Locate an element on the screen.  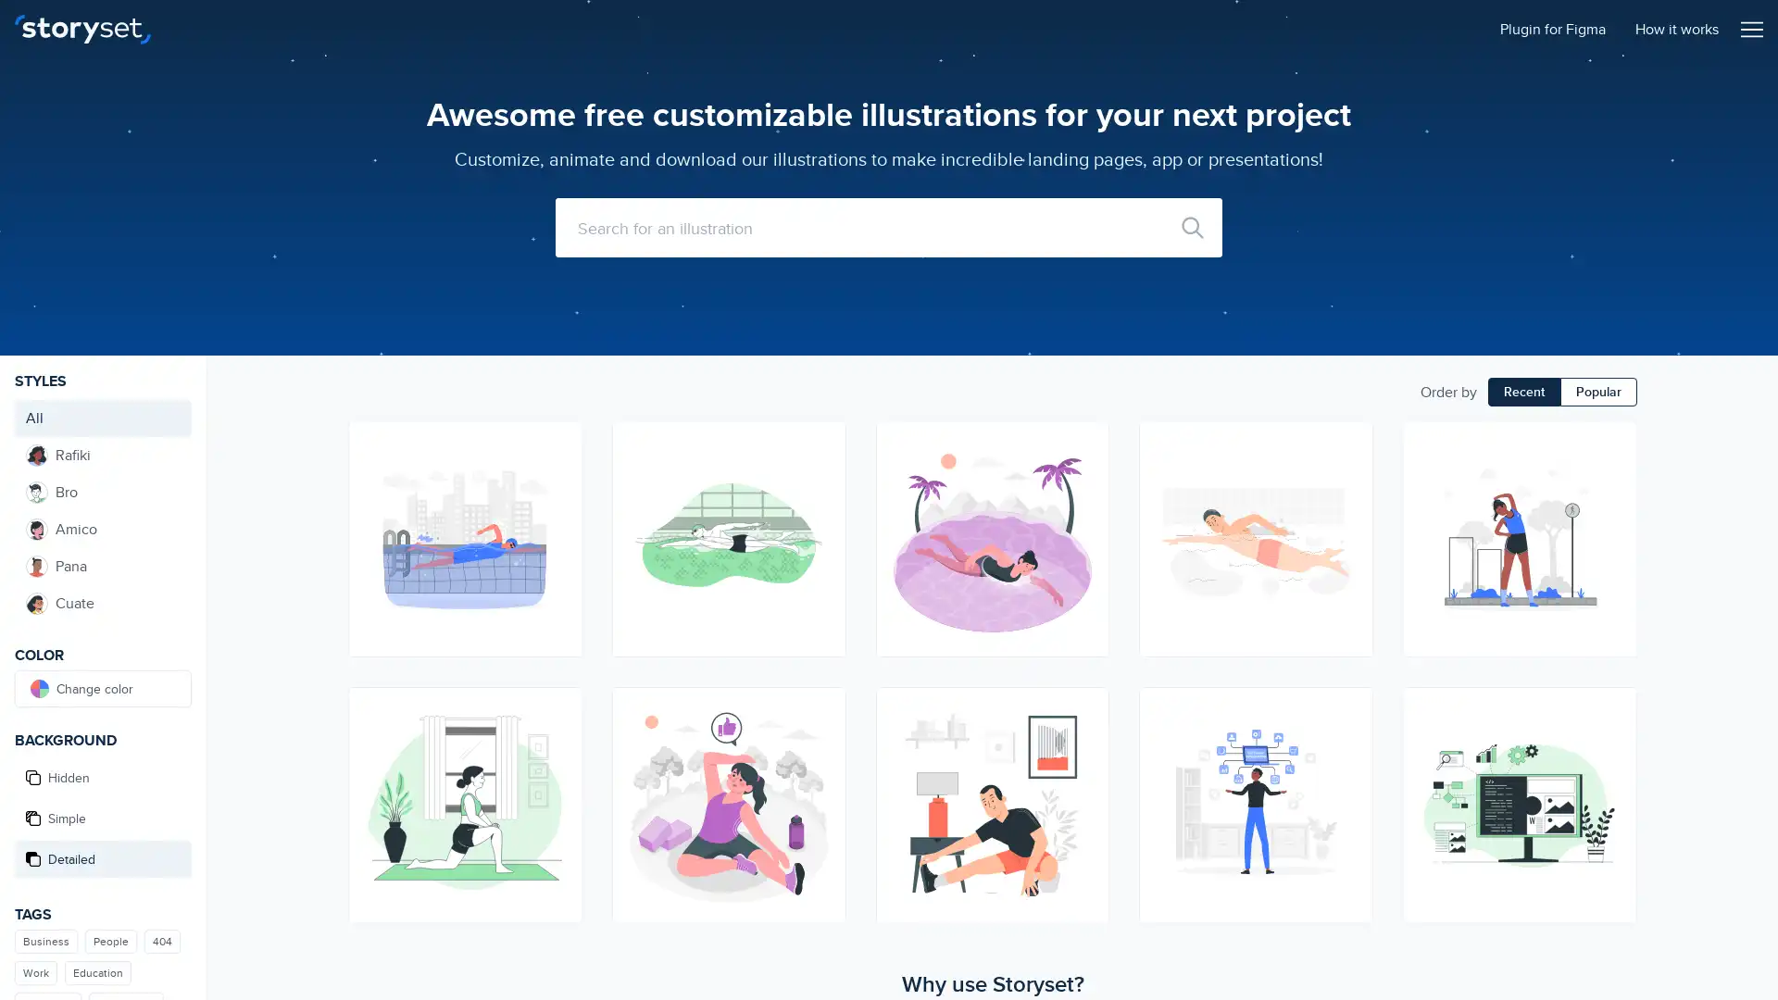
Recent is located at coordinates (1524, 391).